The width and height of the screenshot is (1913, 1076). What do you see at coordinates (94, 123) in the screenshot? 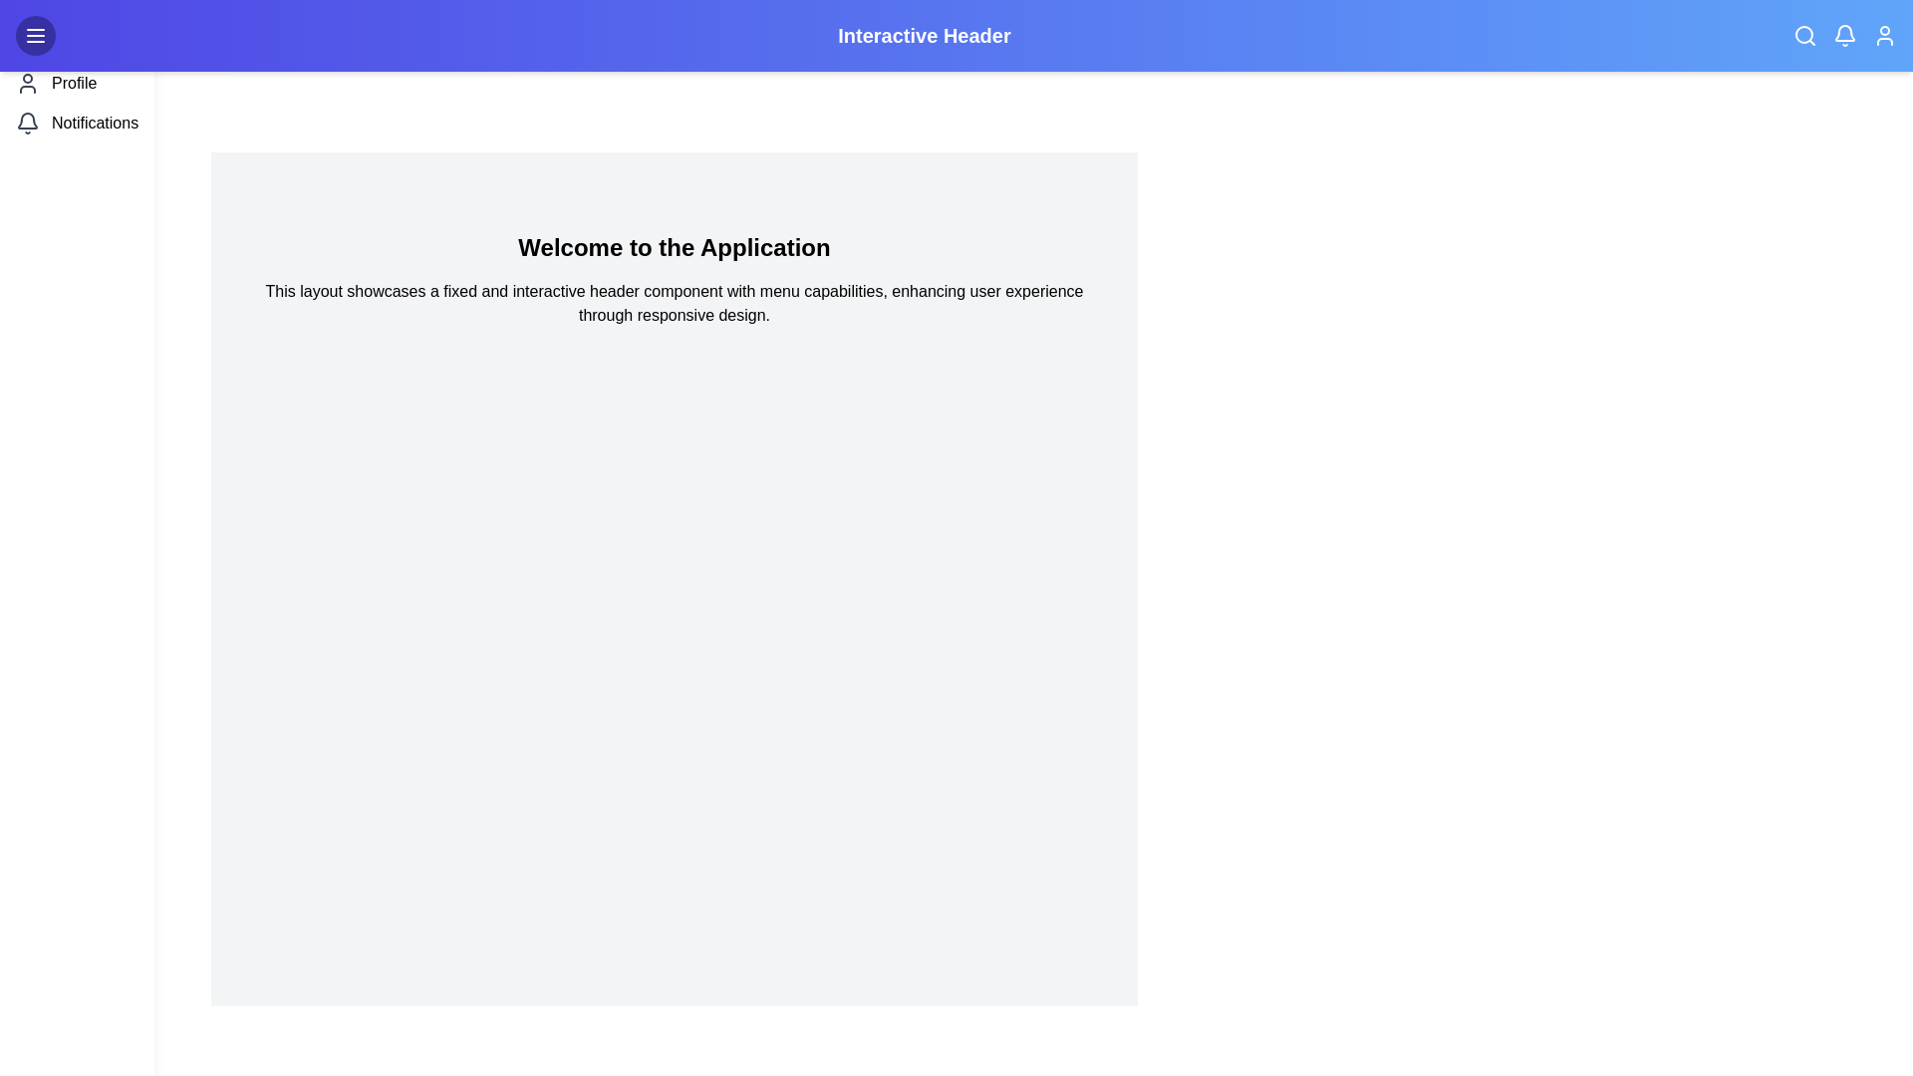
I see `the notifications text label located to the right of the bell icon in the sidebar, beneath the 'Profile' option` at bounding box center [94, 123].